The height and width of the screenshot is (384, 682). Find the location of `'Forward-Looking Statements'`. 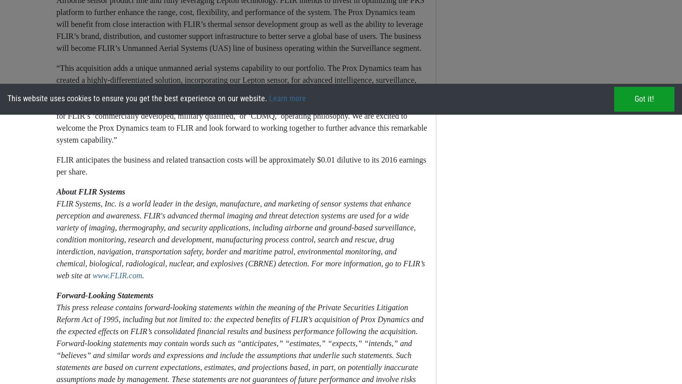

'Forward-Looking Statements' is located at coordinates (104, 295).